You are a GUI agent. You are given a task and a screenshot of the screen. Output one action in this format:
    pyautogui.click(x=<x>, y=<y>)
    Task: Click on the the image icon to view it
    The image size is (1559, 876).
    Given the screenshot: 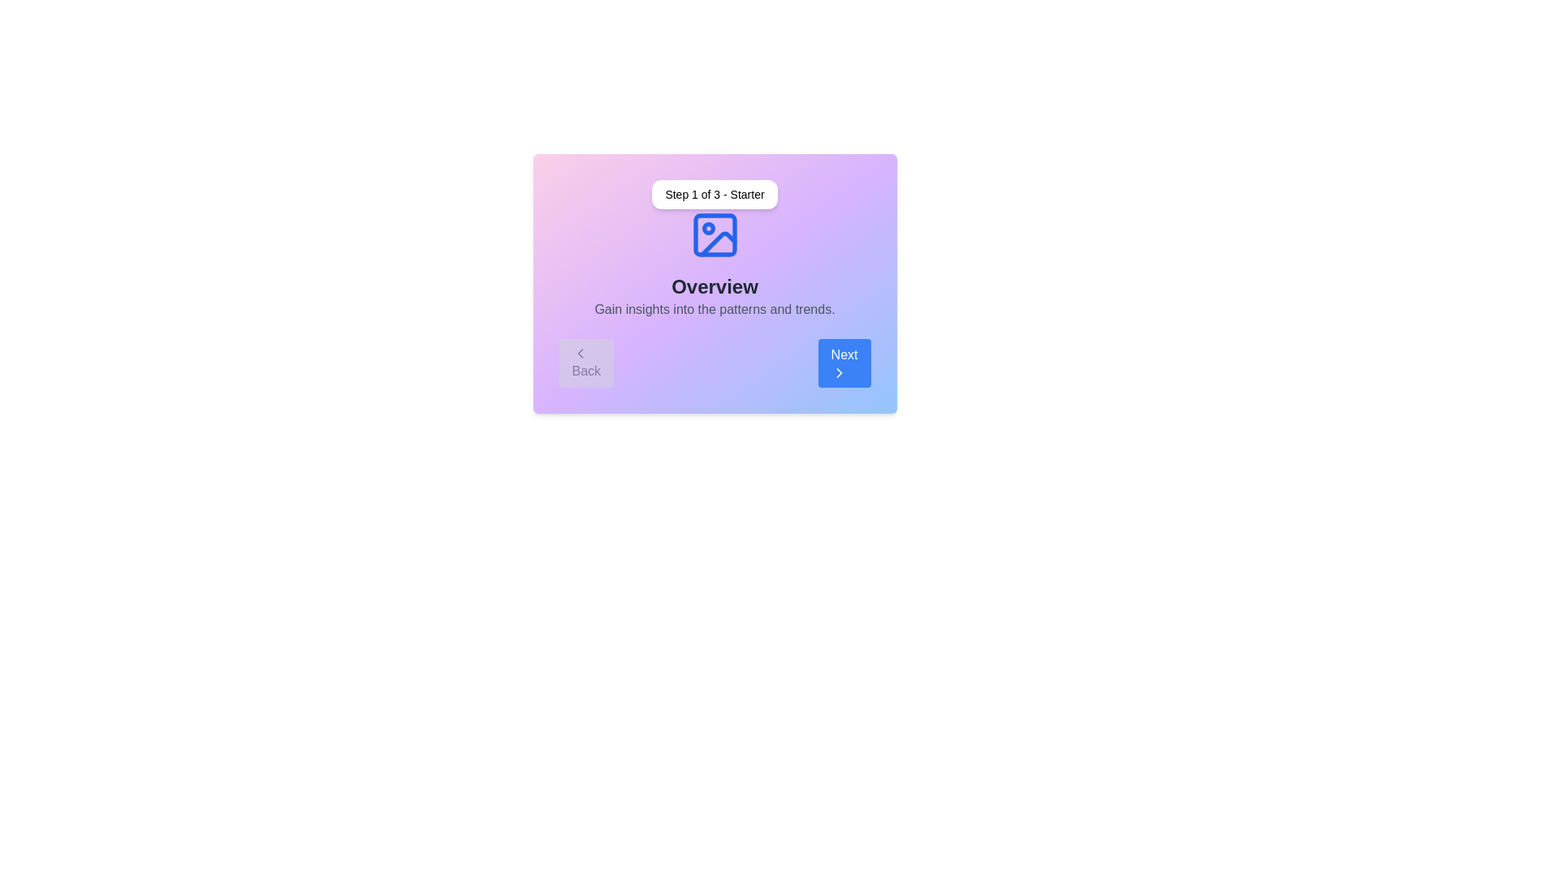 What is the action you would take?
    pyautogui.click(x=715, y=234)
    